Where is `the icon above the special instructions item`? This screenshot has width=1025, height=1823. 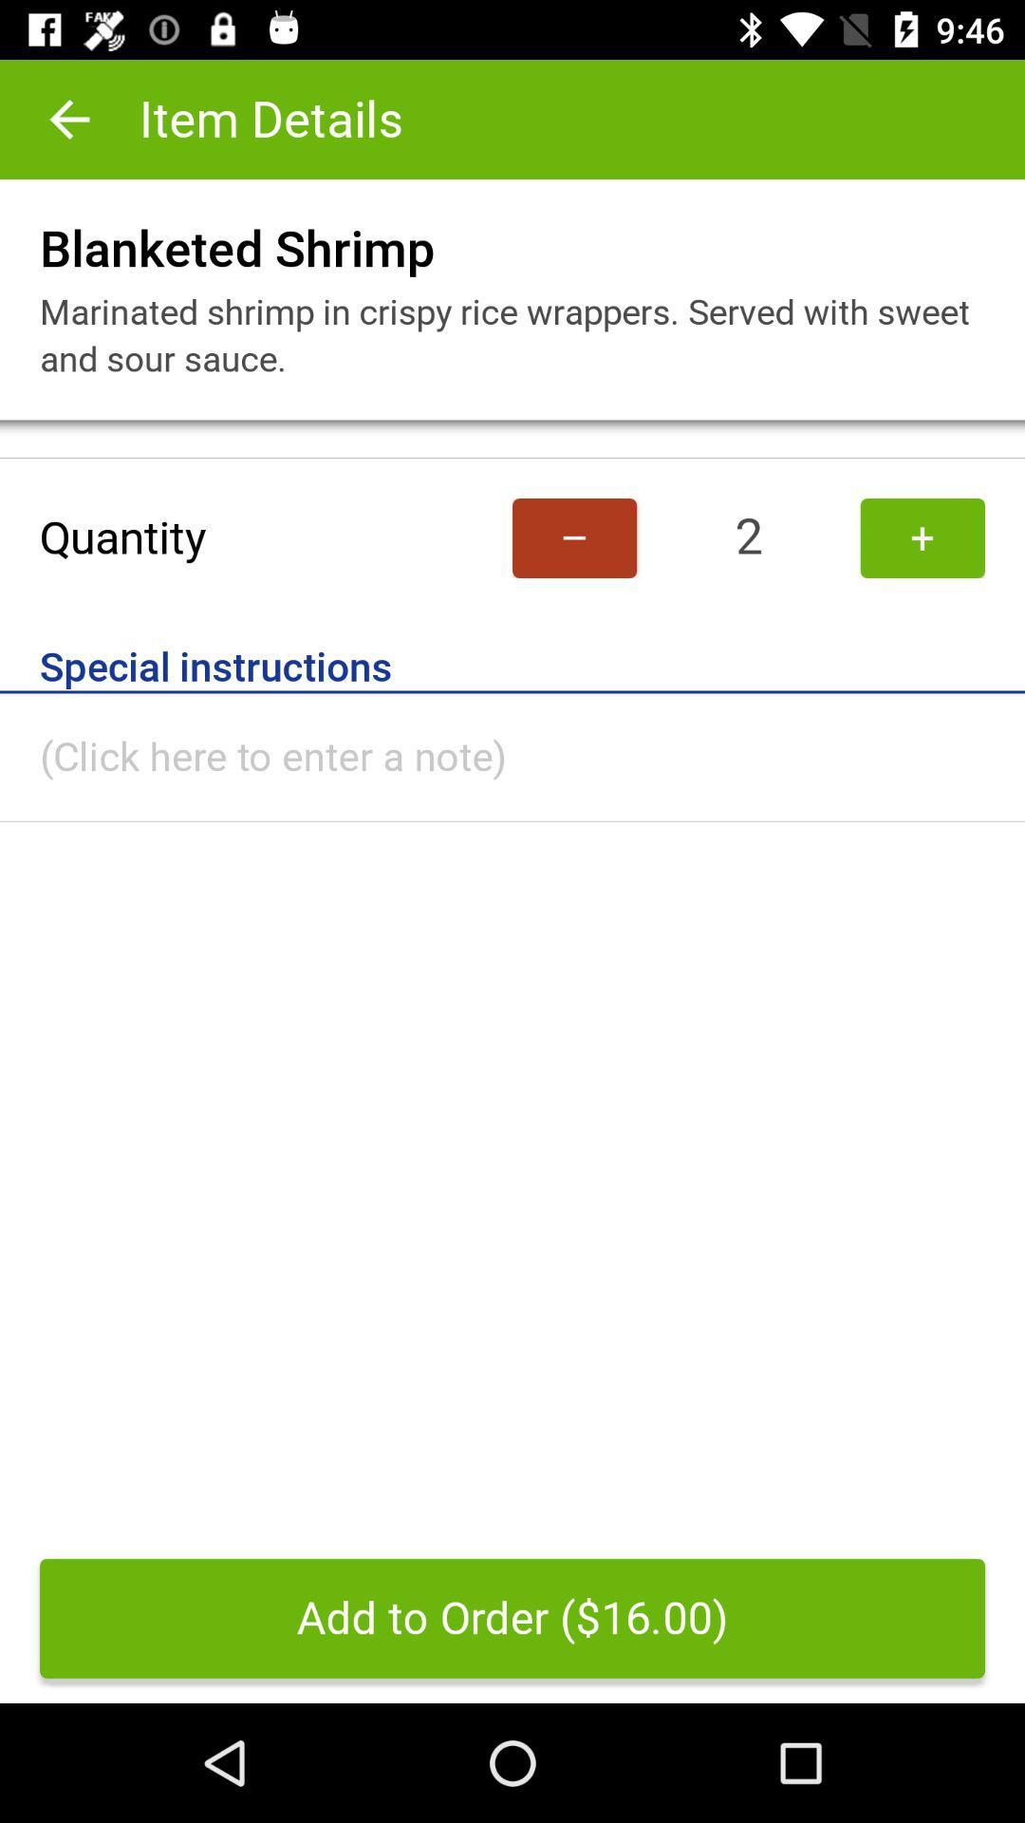
the icon above the special instructions item is located at coordinates (573, 536).